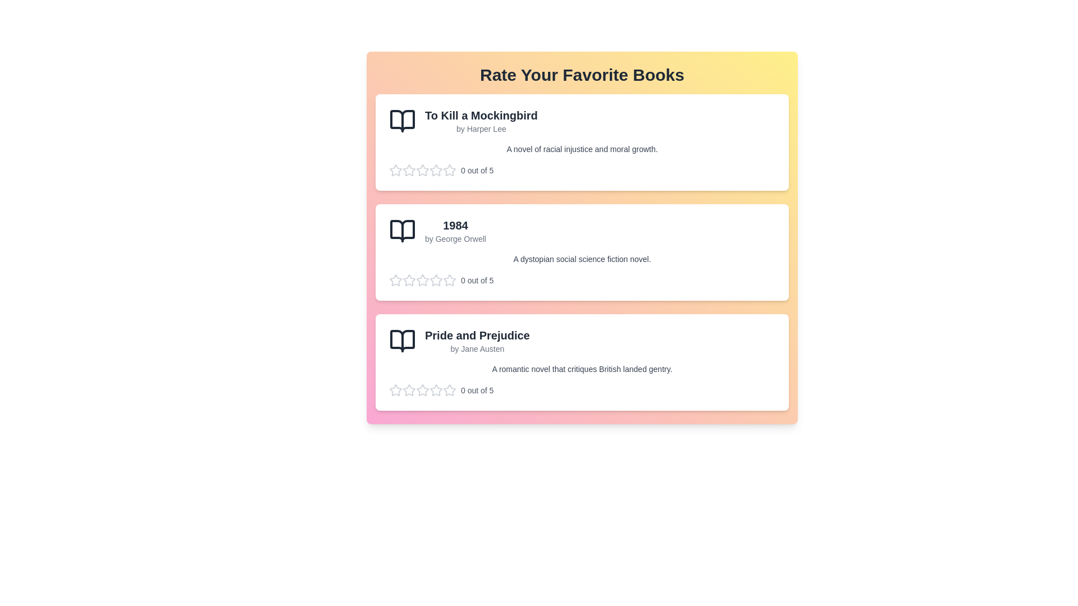  I want to click on the first star icon for rating under the 'To Kill a Mockingbird' book entry to indicate a one-star rating, so click(450, 170).